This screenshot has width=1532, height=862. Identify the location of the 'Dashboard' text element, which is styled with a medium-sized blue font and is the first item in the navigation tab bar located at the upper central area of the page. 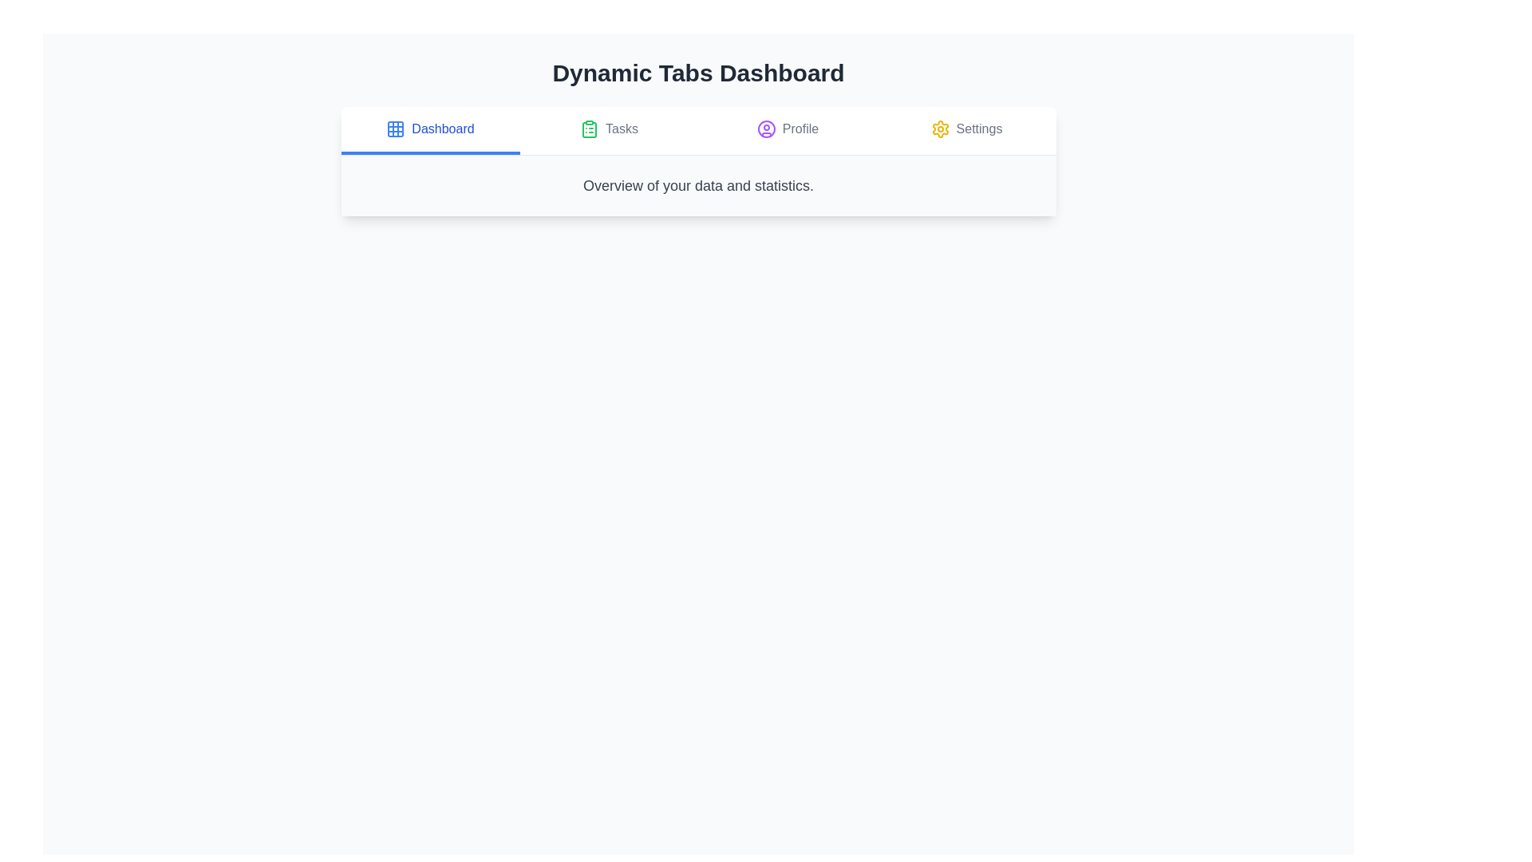
(443, 129).